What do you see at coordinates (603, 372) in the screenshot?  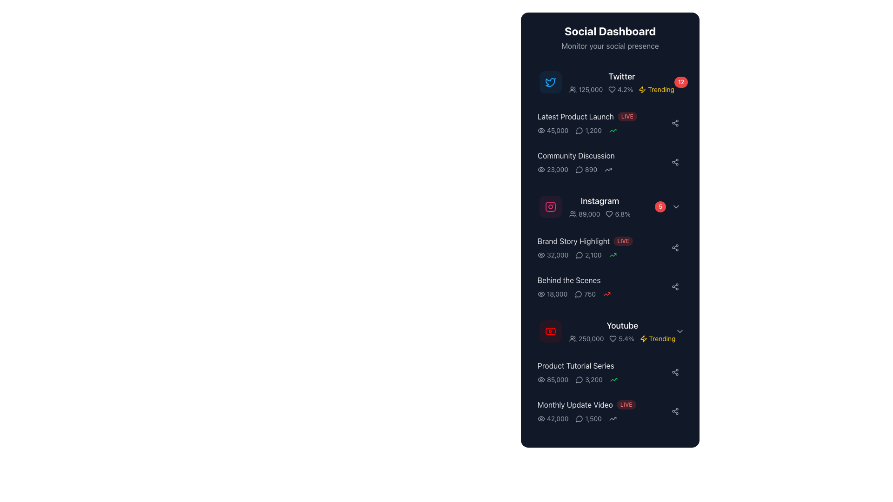 I see `the composite UI component displaying 'Product Tutorial Series' with numerical values '85,000' and '3,200', located in the lower part of the dark-themed dashboard` at bounding box center [603, 372].